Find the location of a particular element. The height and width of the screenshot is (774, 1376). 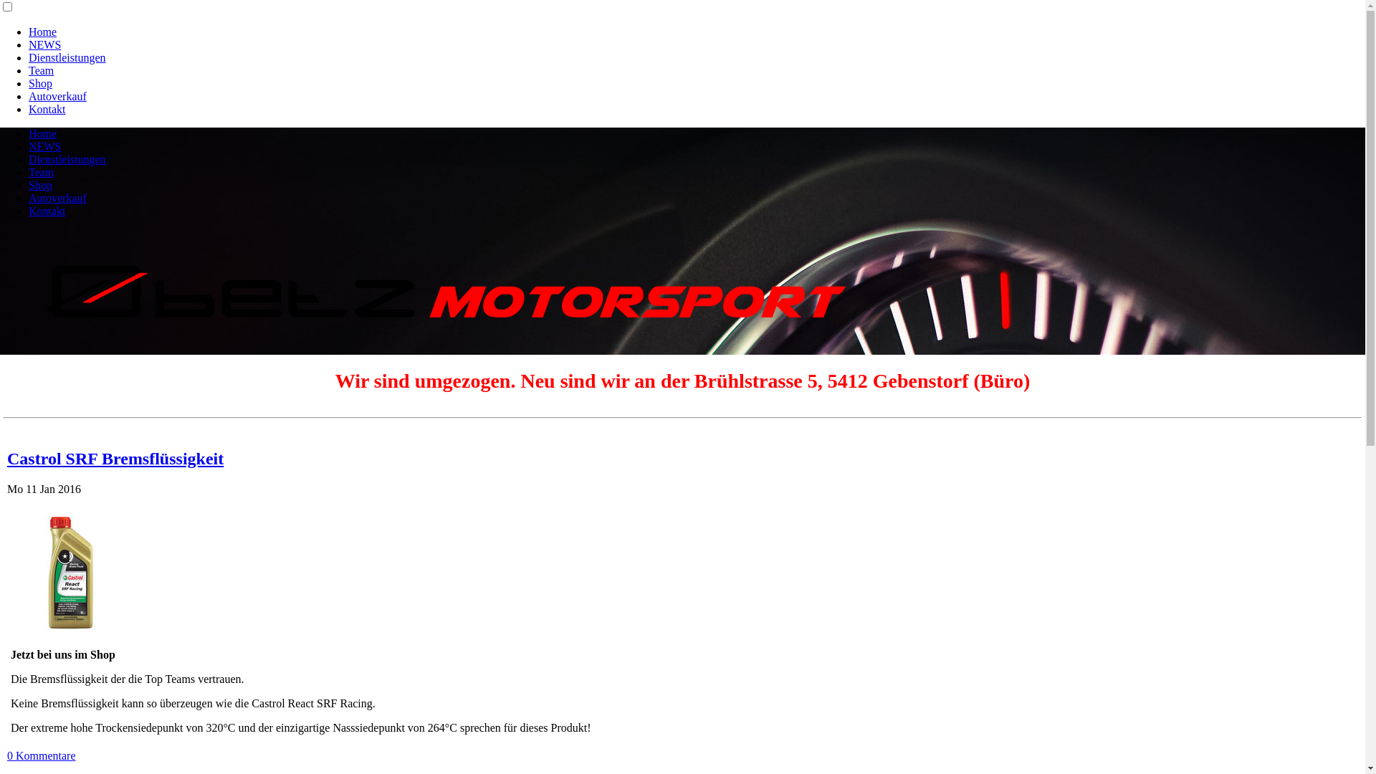

'Autoverkauf' is located at coordinates (57, 96).